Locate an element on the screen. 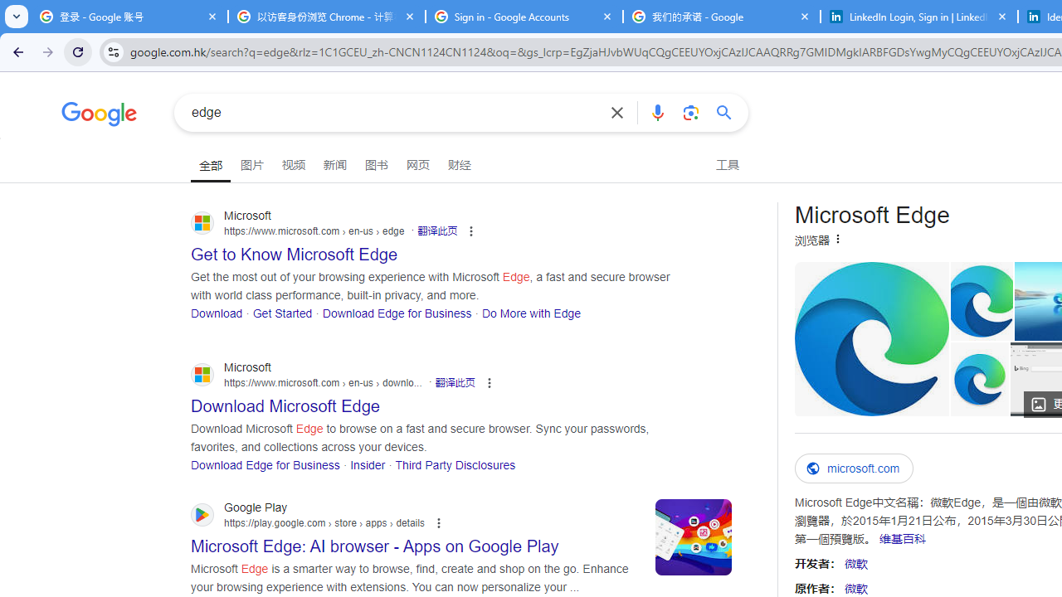 The image size is (1062, 597). 'Get Started' is located at coordinates (283, 313).